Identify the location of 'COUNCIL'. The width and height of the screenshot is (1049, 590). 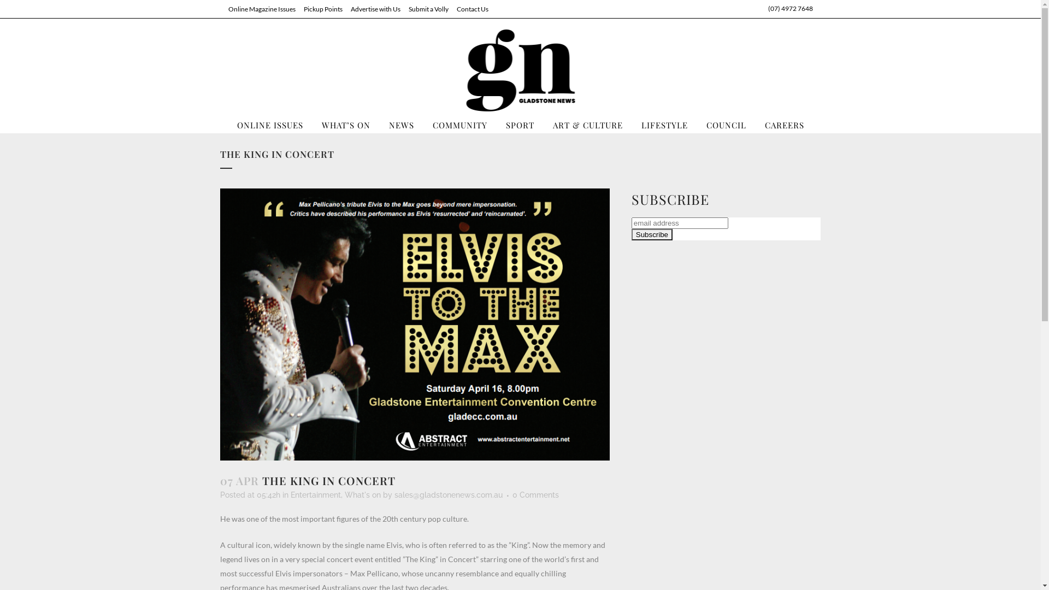
(726, 124).